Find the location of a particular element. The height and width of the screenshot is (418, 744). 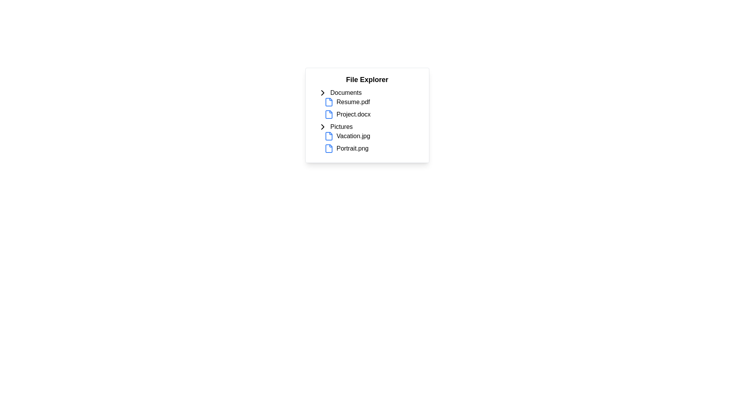

the document file icon, which is a blue graphical representation of a paper sheet located in the 'Documents' section of the file explorer interface is located at coordinates (329, 101).